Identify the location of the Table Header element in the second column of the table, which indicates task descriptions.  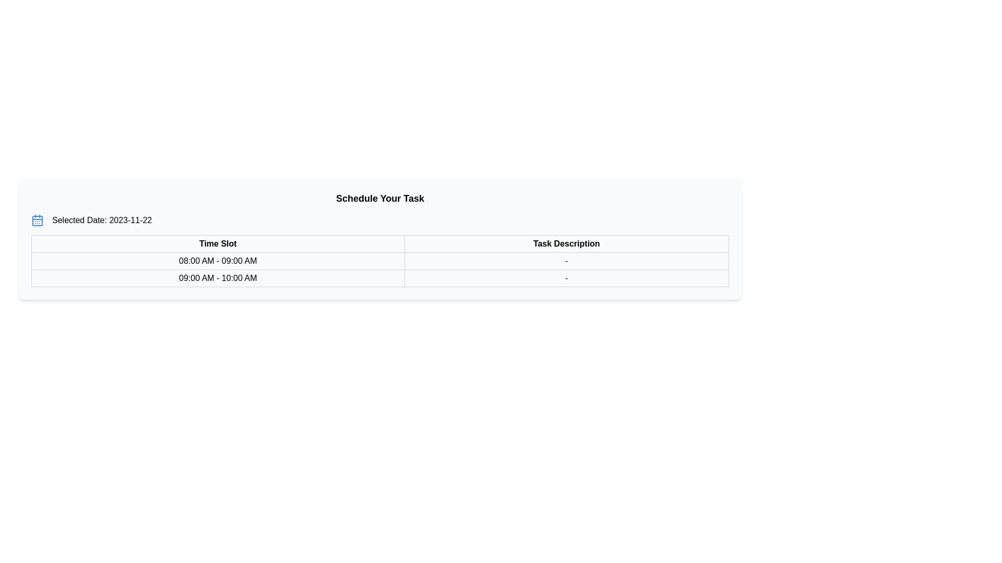
(566, 243).